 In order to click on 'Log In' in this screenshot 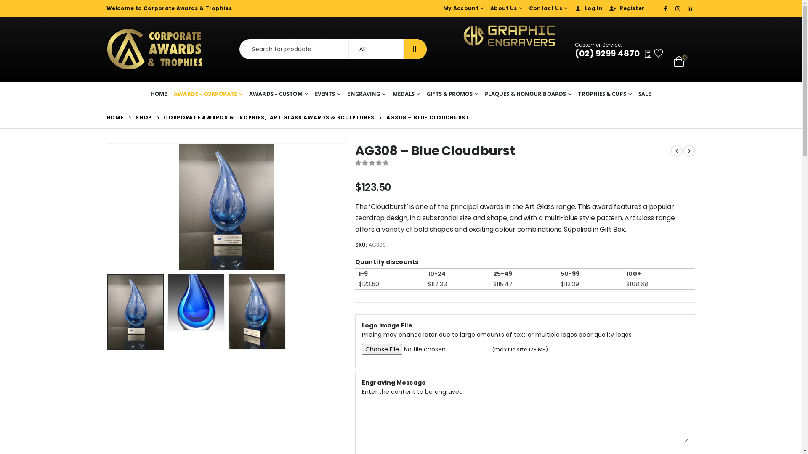, I will do `click(587, 8)`.